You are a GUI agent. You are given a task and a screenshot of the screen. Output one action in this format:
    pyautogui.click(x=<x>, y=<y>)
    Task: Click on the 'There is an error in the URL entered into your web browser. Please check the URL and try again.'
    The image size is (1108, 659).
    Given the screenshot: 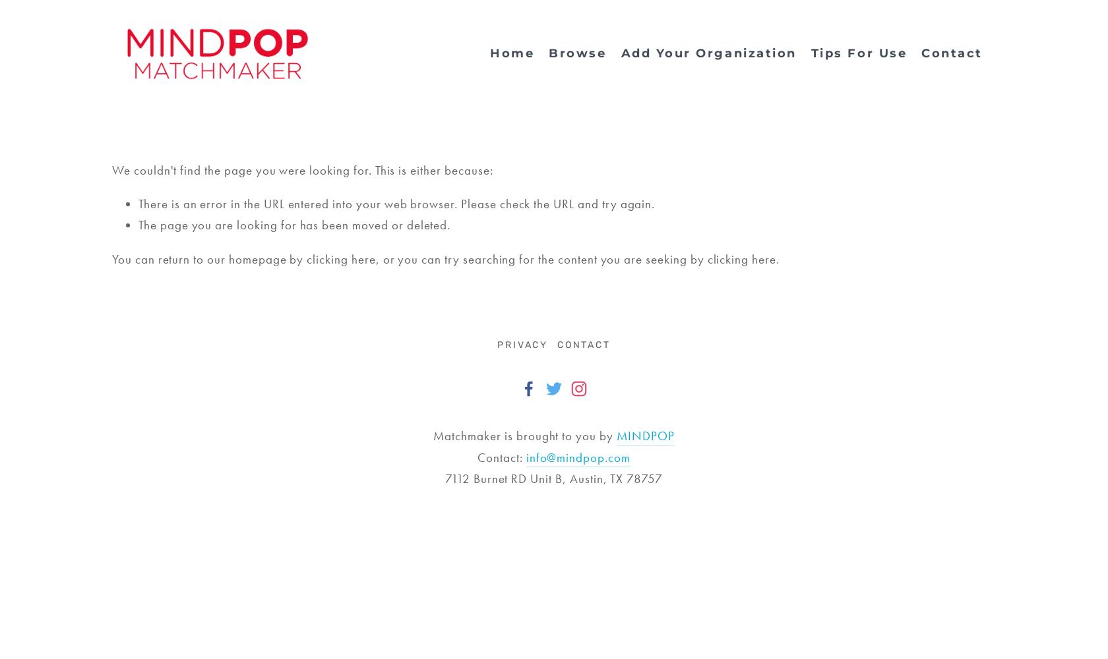 What is the action you would take?
    pyautogui.click(x=396, y=204)
    